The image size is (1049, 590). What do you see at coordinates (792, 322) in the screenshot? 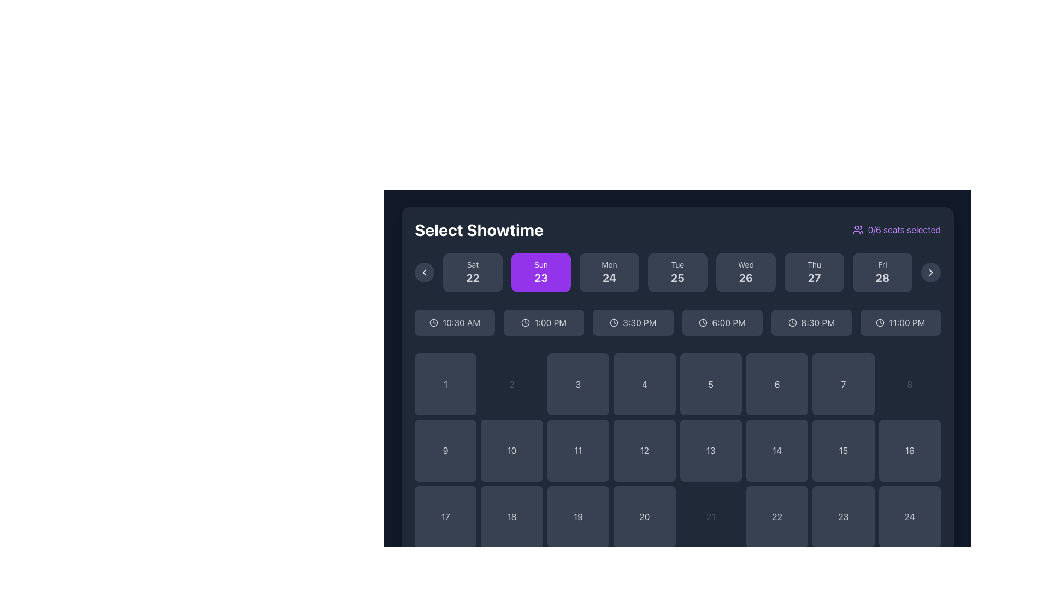
I see `the clock-shaped icon located next to the '8:30 PM' time option in the schedule layout` at bounding box center [792, 322].